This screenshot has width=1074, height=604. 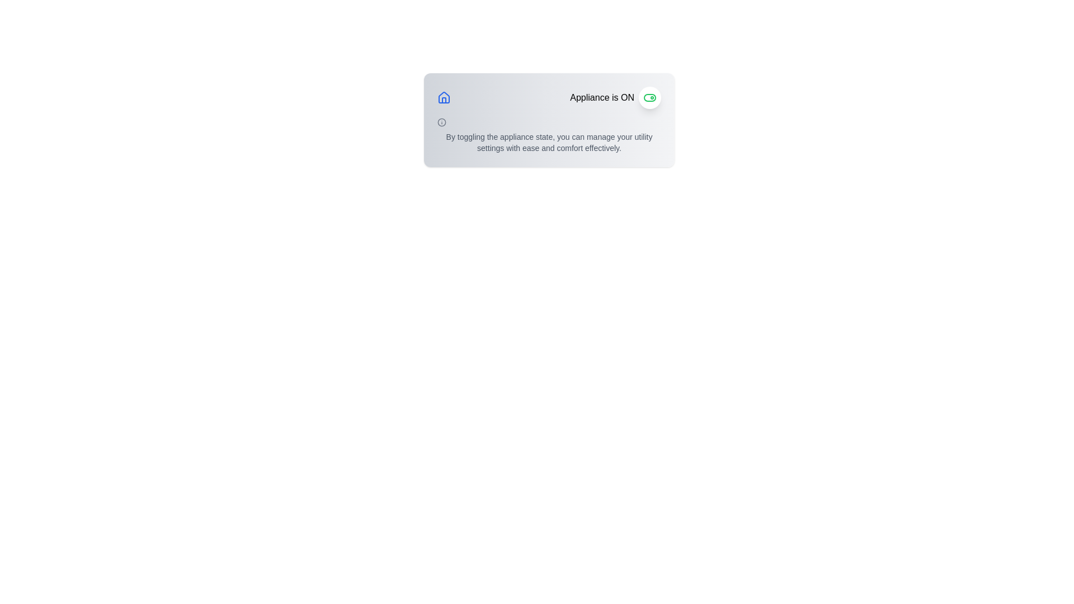 I want to click on the static text label displaying 'Appliance is ON', which is part of a horizontal cluster of components, serving as a descriptive label for the current state of an appliance, so click(x=601, y=97).